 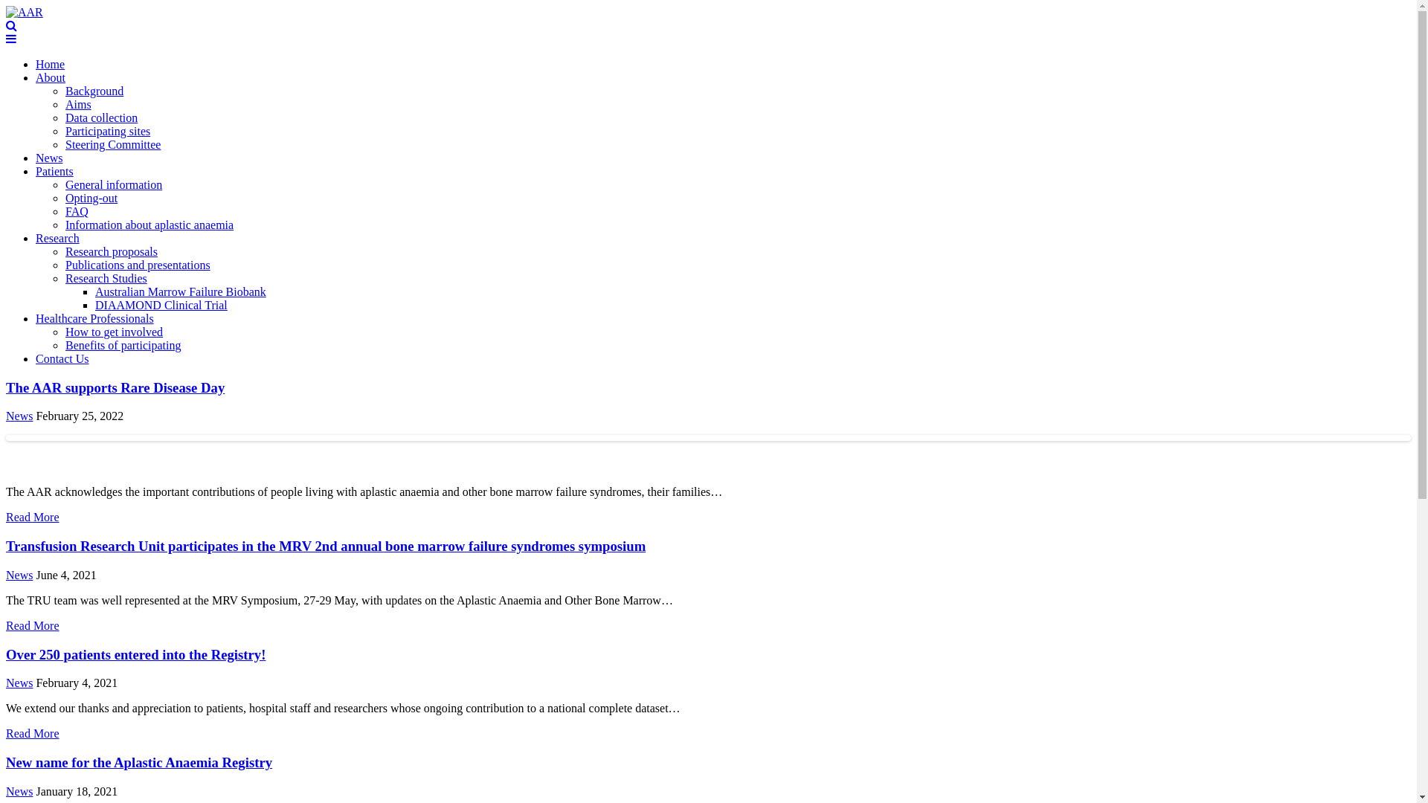 I want to click on 'Healthcare Professionals', so click(x=94, y=317).